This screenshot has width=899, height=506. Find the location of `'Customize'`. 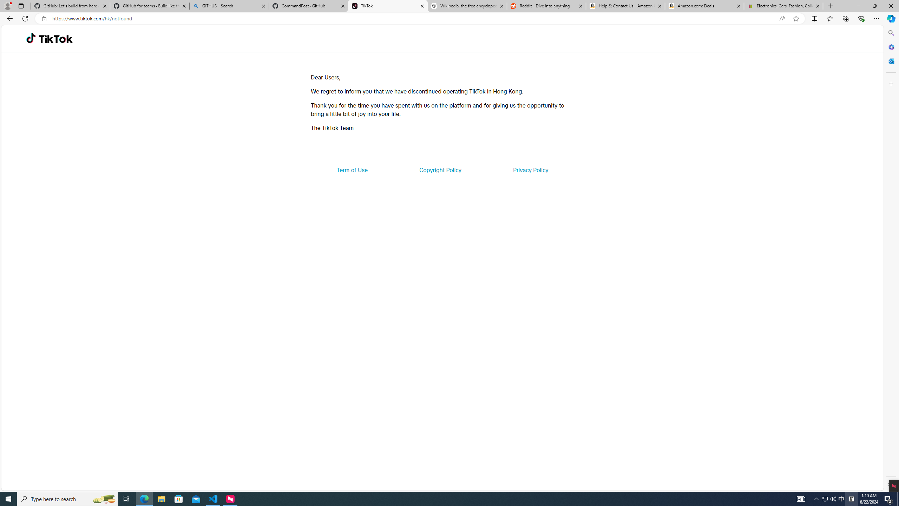

'Customize' is located at coordinates (890, 83).